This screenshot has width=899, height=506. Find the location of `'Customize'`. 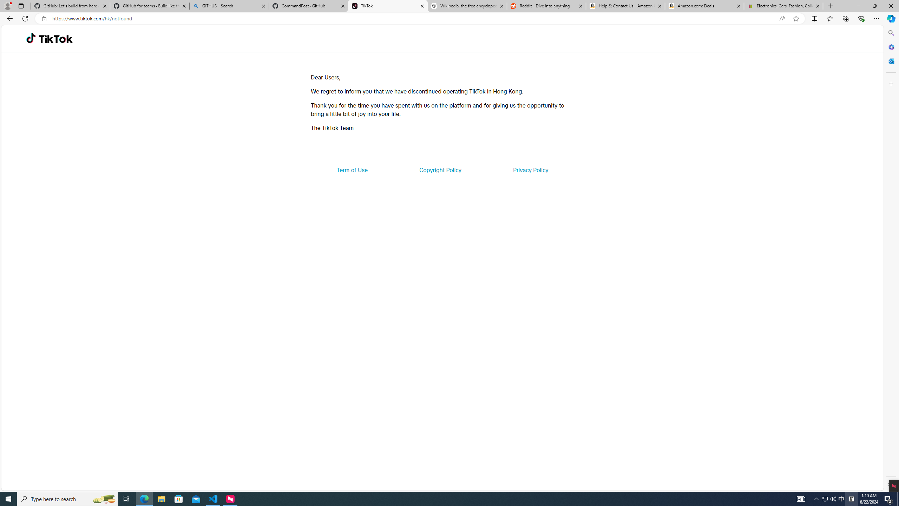

'Customize' is located at coordinates (890, 83).